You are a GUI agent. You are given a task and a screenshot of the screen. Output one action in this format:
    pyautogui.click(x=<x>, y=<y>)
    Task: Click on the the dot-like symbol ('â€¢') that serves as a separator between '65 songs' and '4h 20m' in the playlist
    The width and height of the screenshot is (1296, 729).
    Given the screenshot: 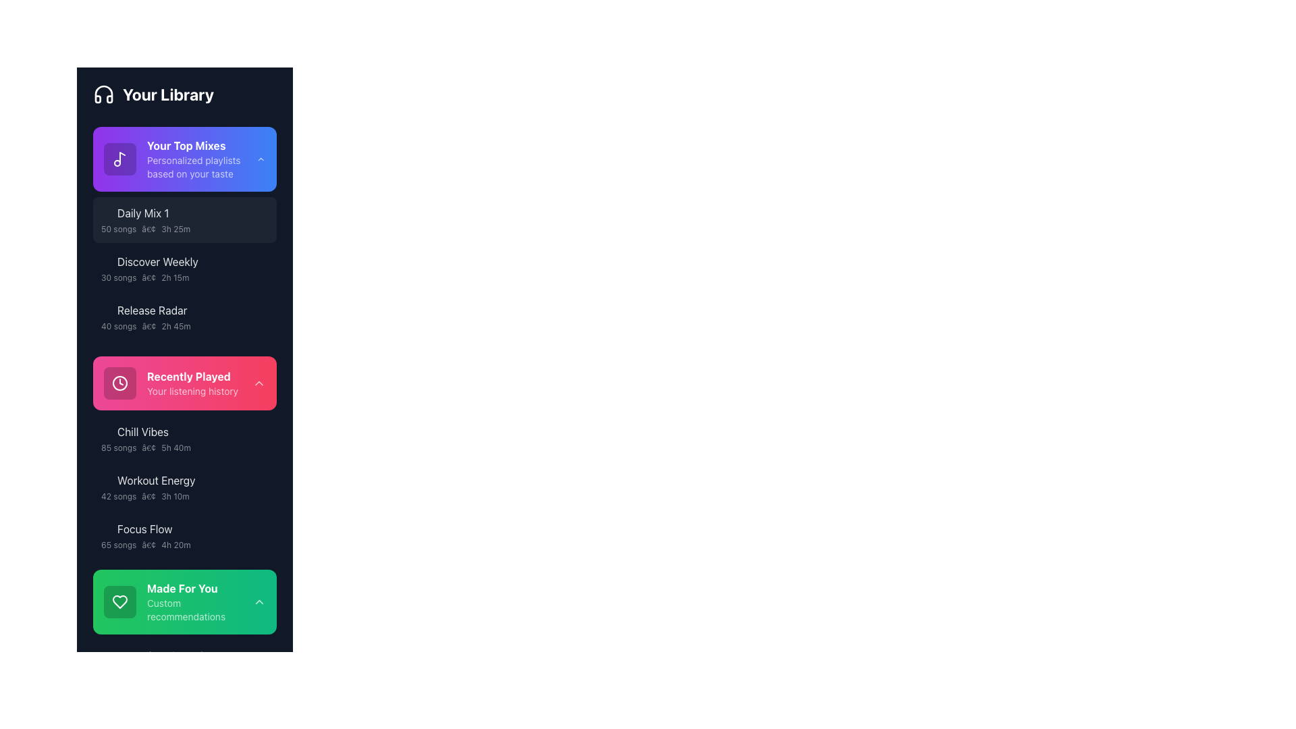 What is the action you would take?
    pyautogui.click(x=148, y=544)
    